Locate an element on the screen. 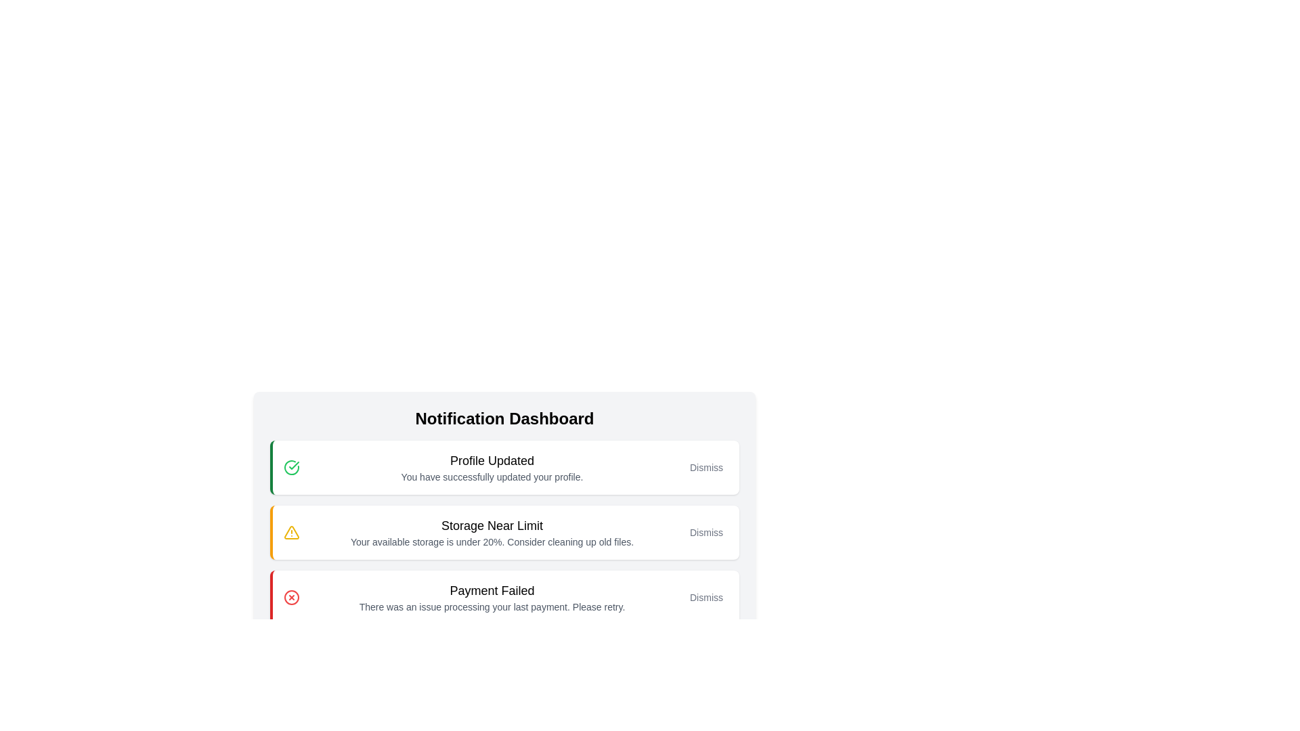 This screenshot has width=1300, height=731. the triangle-shaped icon with a yellow border and an exclamation mark, which indicates an alert or warning, positioned to the left of the 'Storage Near Limit' notification text is located at coordinates (291, 531).